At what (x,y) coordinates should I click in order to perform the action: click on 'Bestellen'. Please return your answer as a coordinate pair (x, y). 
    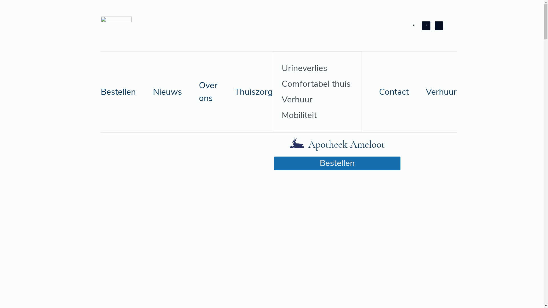
    Looking at the image, I should click on (337, 163).